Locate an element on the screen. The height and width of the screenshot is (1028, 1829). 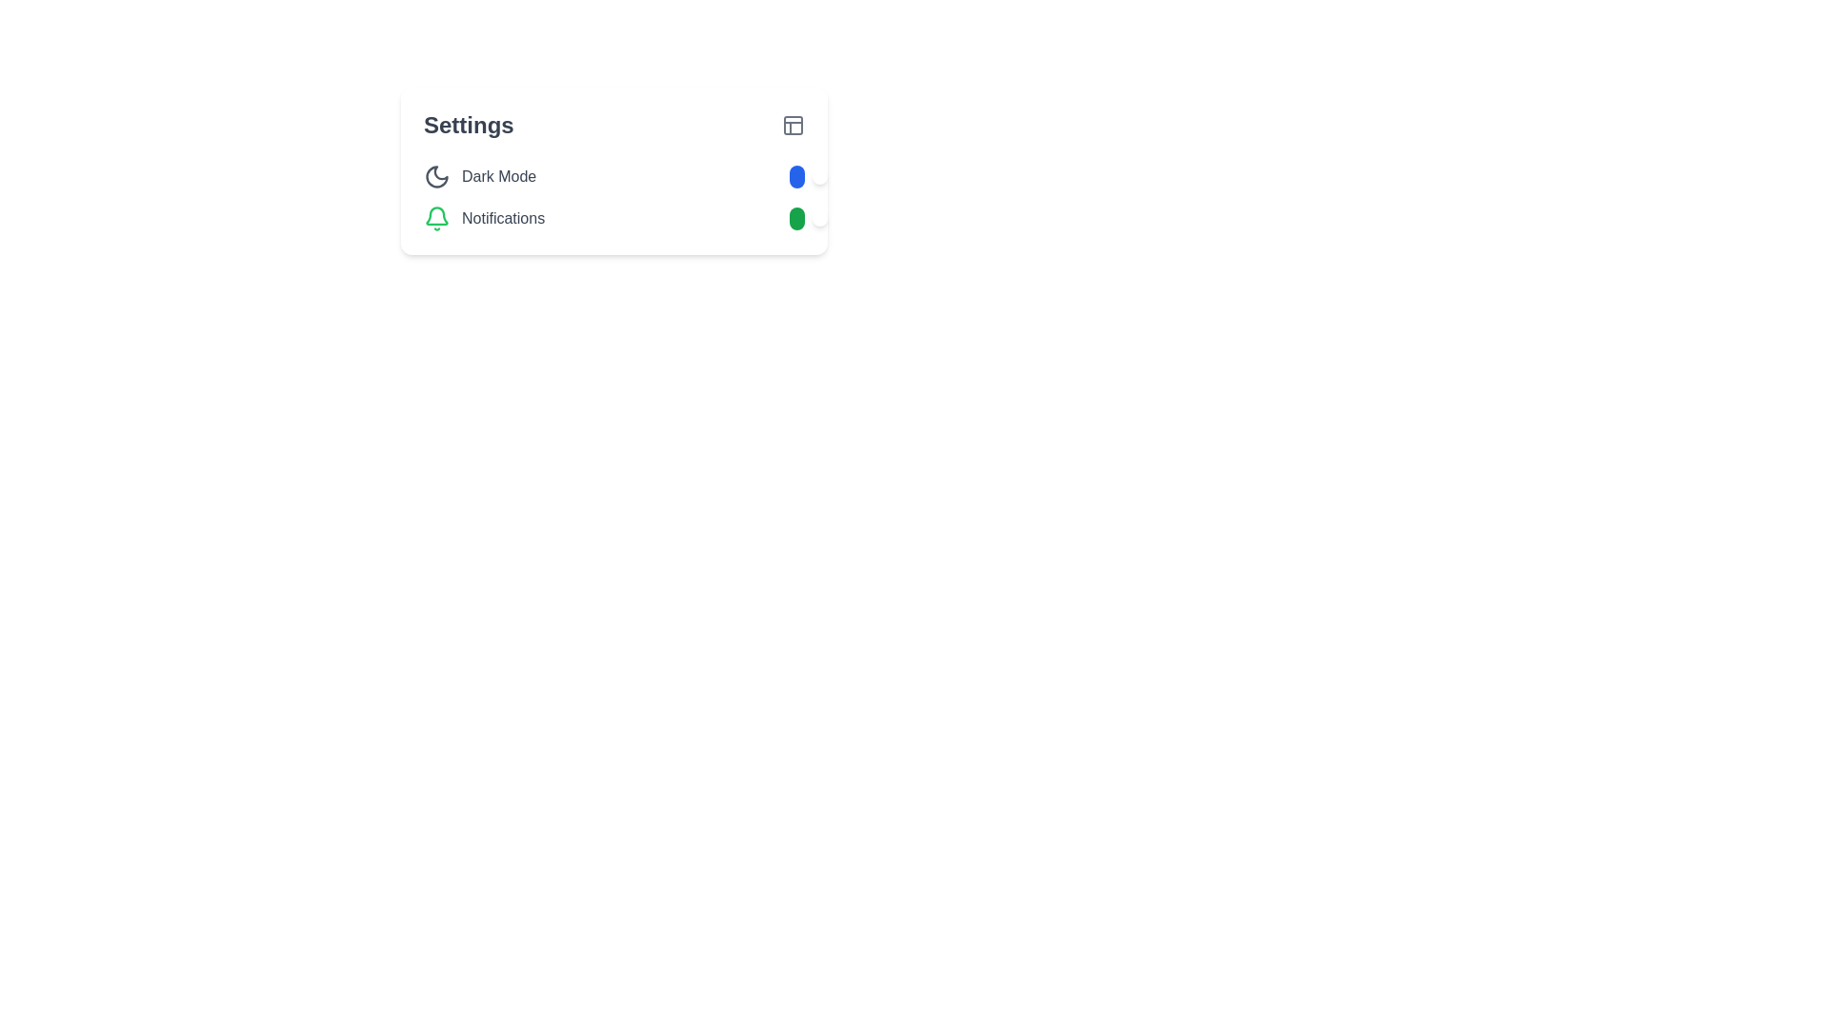
the 'Notifications' text label, which is styled with gray color and medium font weight, located in the settings interface below the 'Dark Mode' entry and aligned with a green bell icon to its left is located at coordinates (503, 218).